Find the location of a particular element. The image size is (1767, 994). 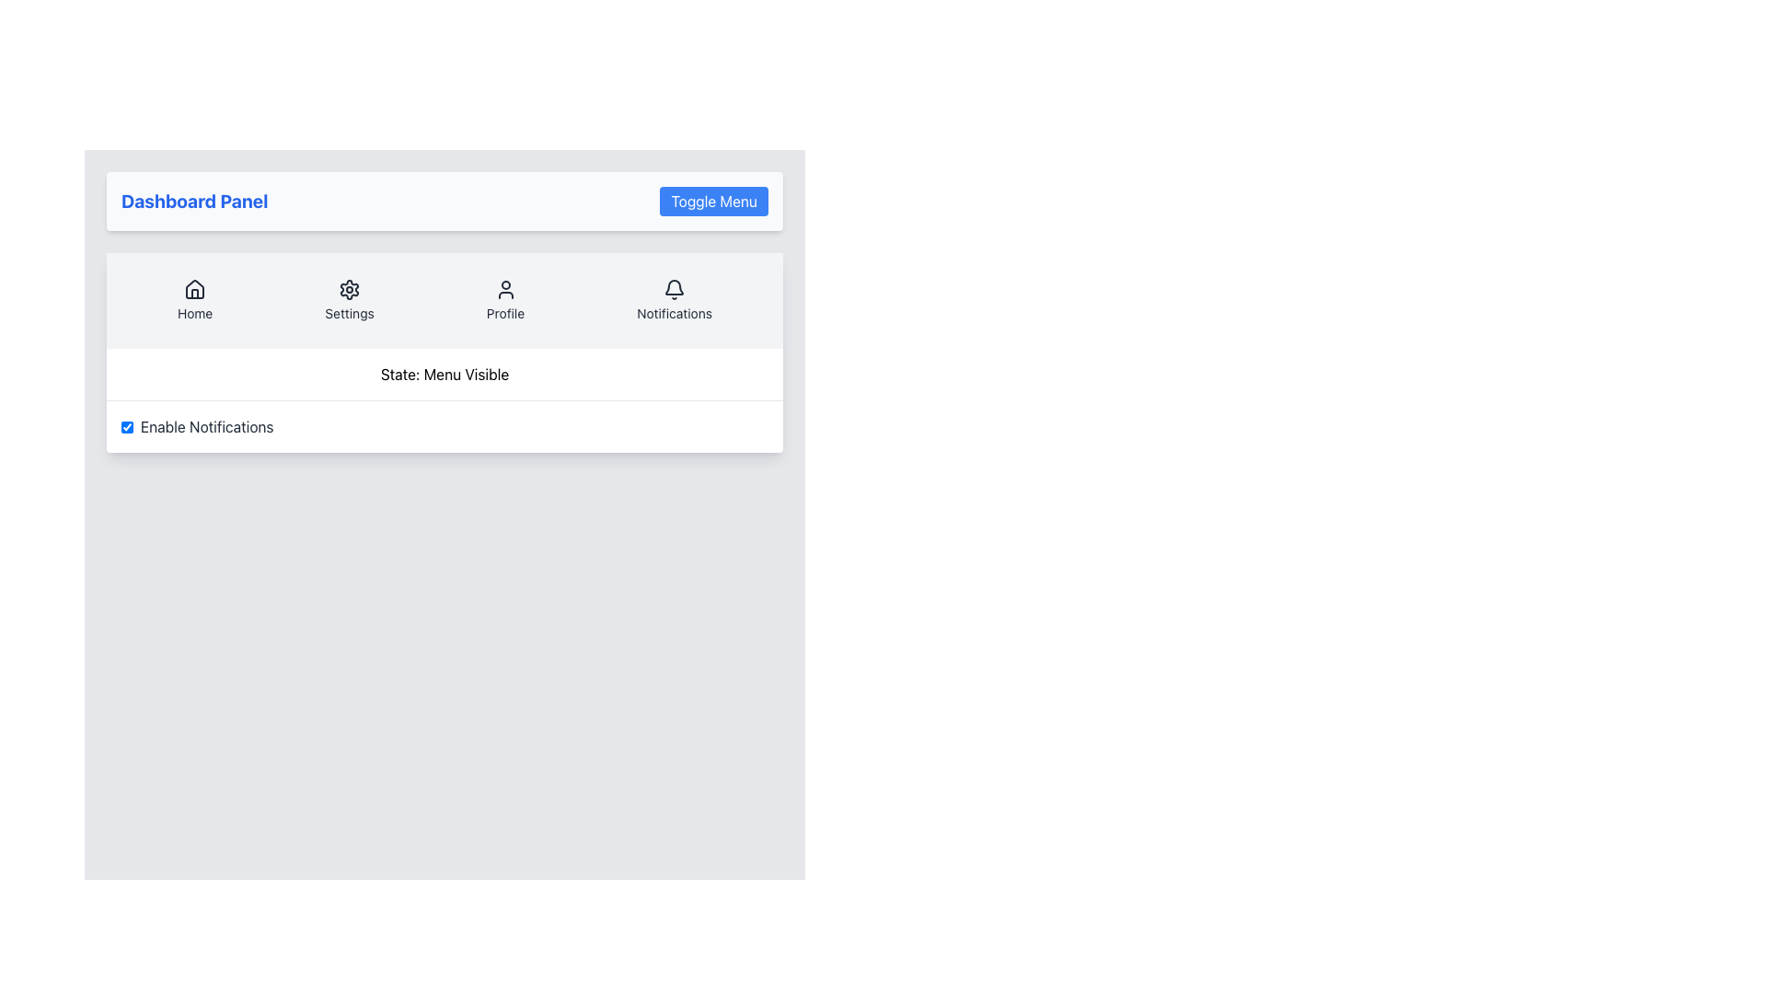

the checkbox is located at coordinates (126, 426).